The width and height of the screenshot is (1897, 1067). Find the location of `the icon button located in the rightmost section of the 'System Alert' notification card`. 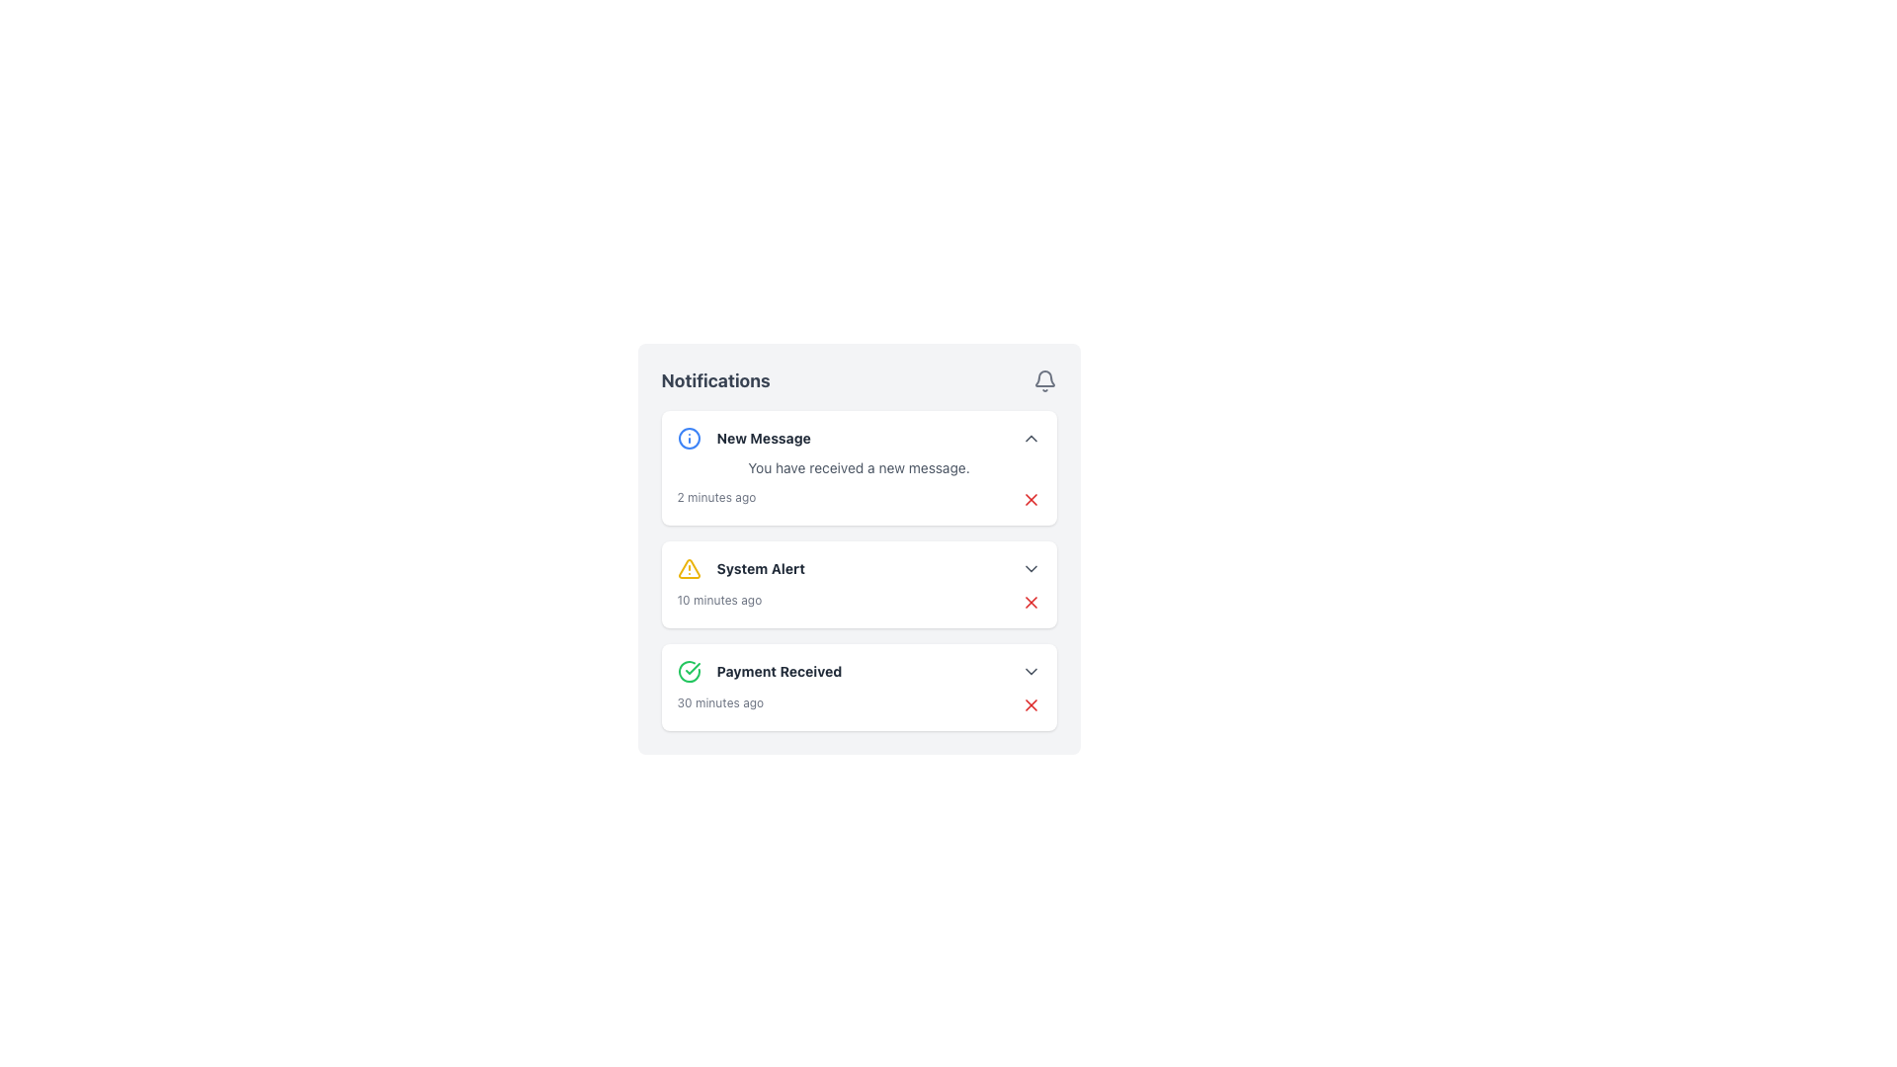

the icon button located in the rightmost section of the 'System Alert' notification card is located at coordinates (1030, 568).